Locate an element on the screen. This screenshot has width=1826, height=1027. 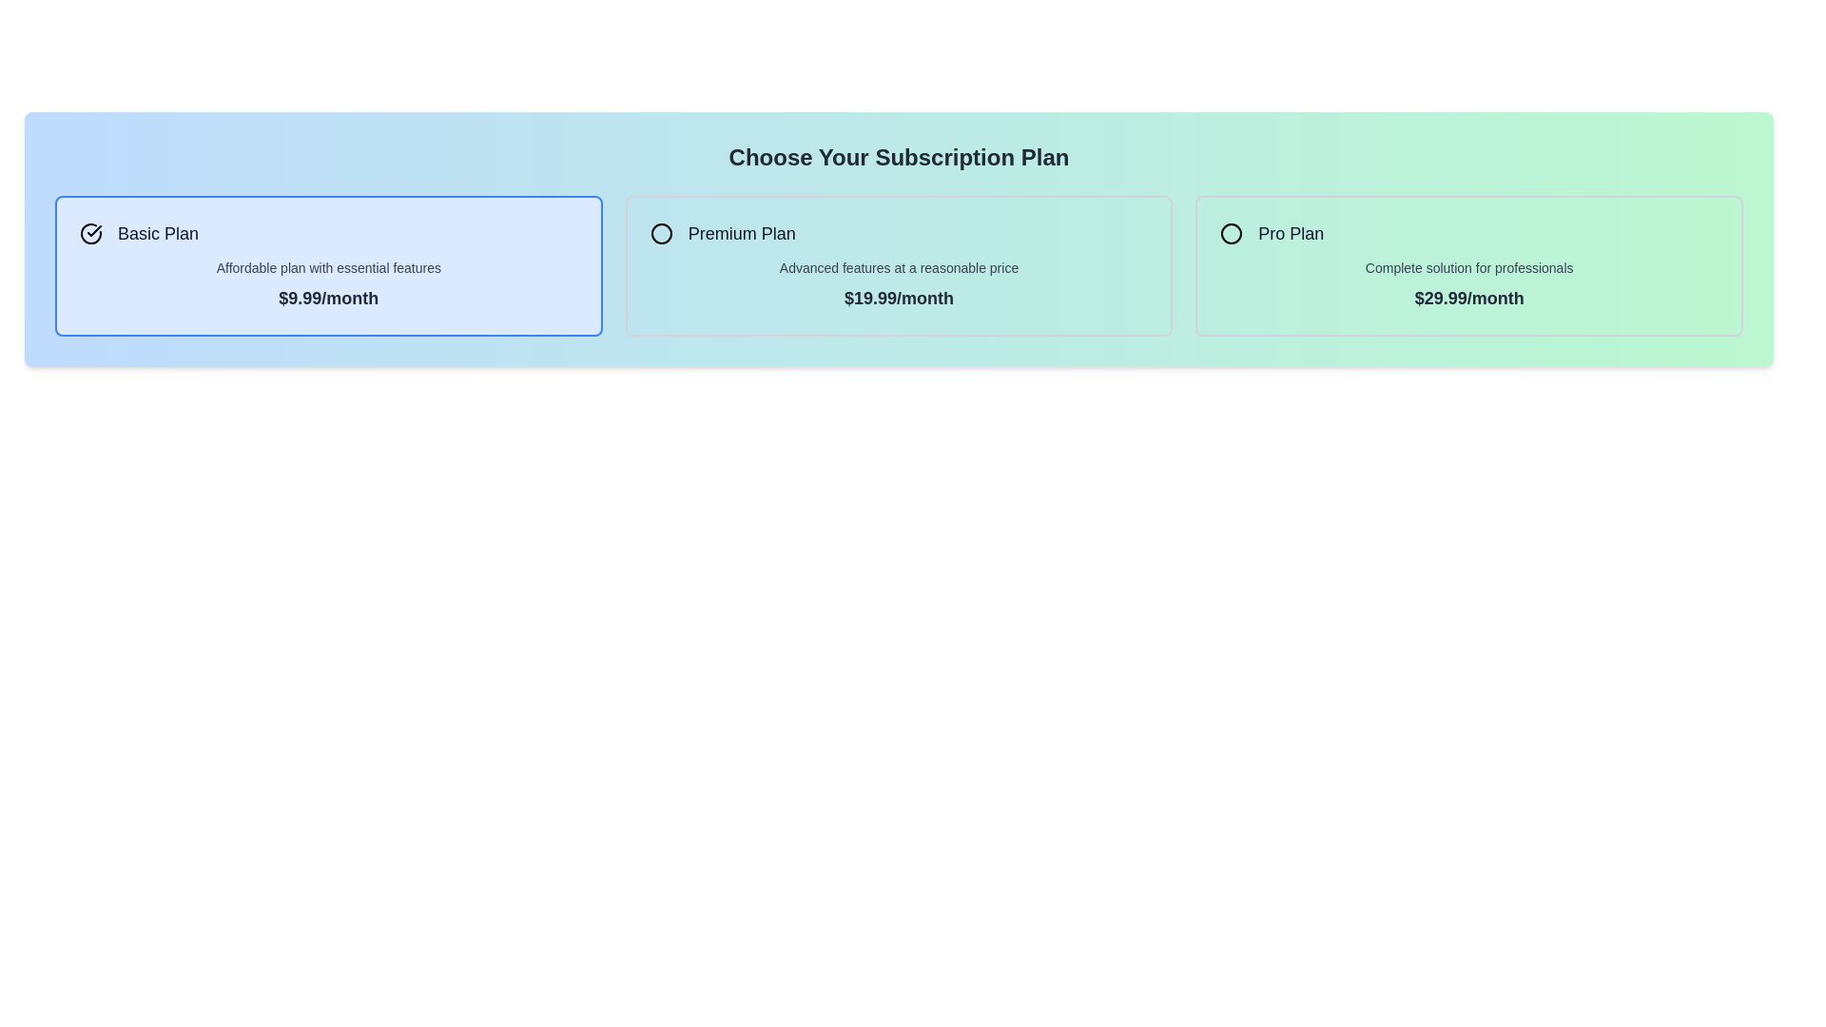
the text element stating 'Complete solution for professionals', which is styled in a smaller gray font and located below the title 'Pro Plan' within the card layout is located at coordinates (1468, 267).